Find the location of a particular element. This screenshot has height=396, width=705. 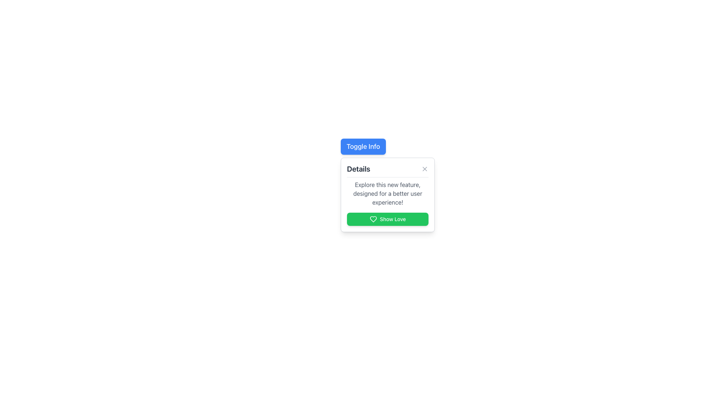

the text displaying 'Explore this new feature, designed for a better user experience!' which is centered within a white card and located above the 'Show Love' button is located at coordinates (387, 193).